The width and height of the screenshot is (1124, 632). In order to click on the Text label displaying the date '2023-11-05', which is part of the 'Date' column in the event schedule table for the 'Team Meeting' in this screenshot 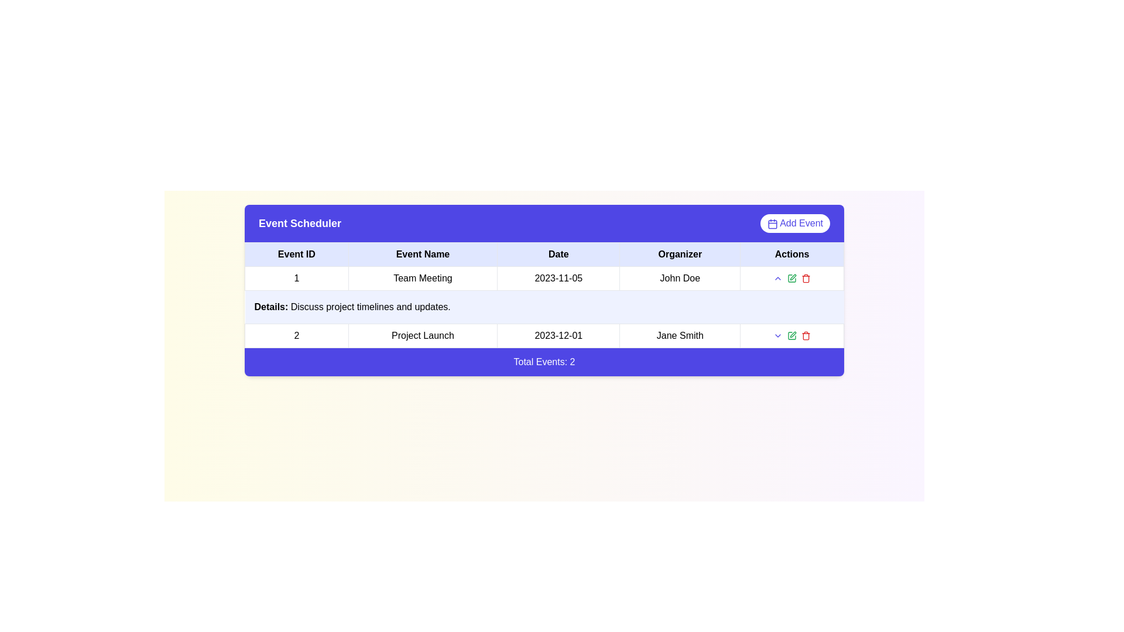, I will do `click(558, 278)`.